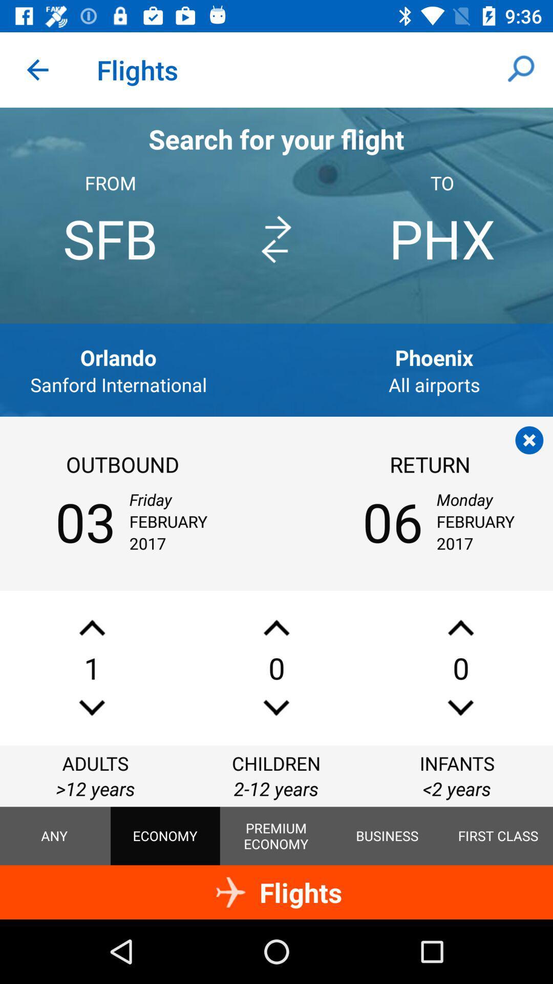 The width and height of the screenshot is (553, 984). I want to click on reverse to and from locations, so click(275, 239).